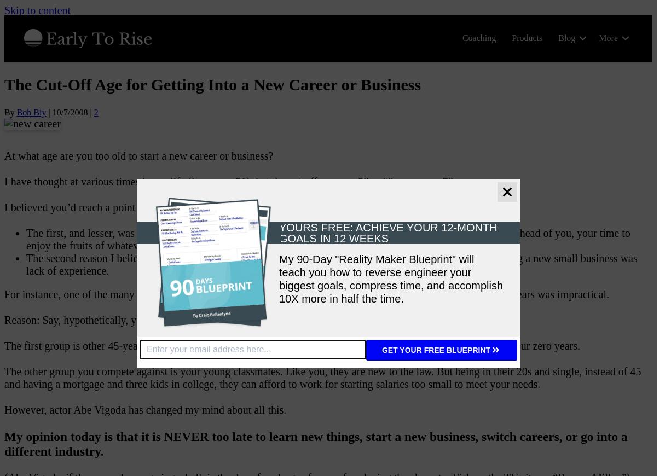  I want to click on 'However, actor Abe Vigoda has changed my mind about all this.', so click(145, 409).